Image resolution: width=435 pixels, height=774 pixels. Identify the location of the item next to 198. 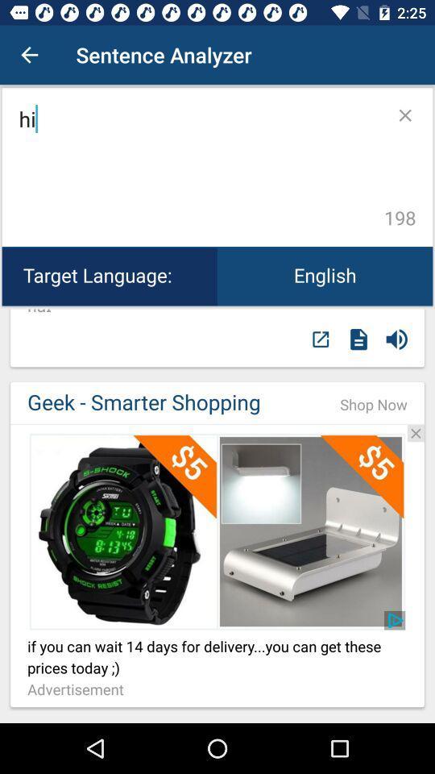
(198, 167).